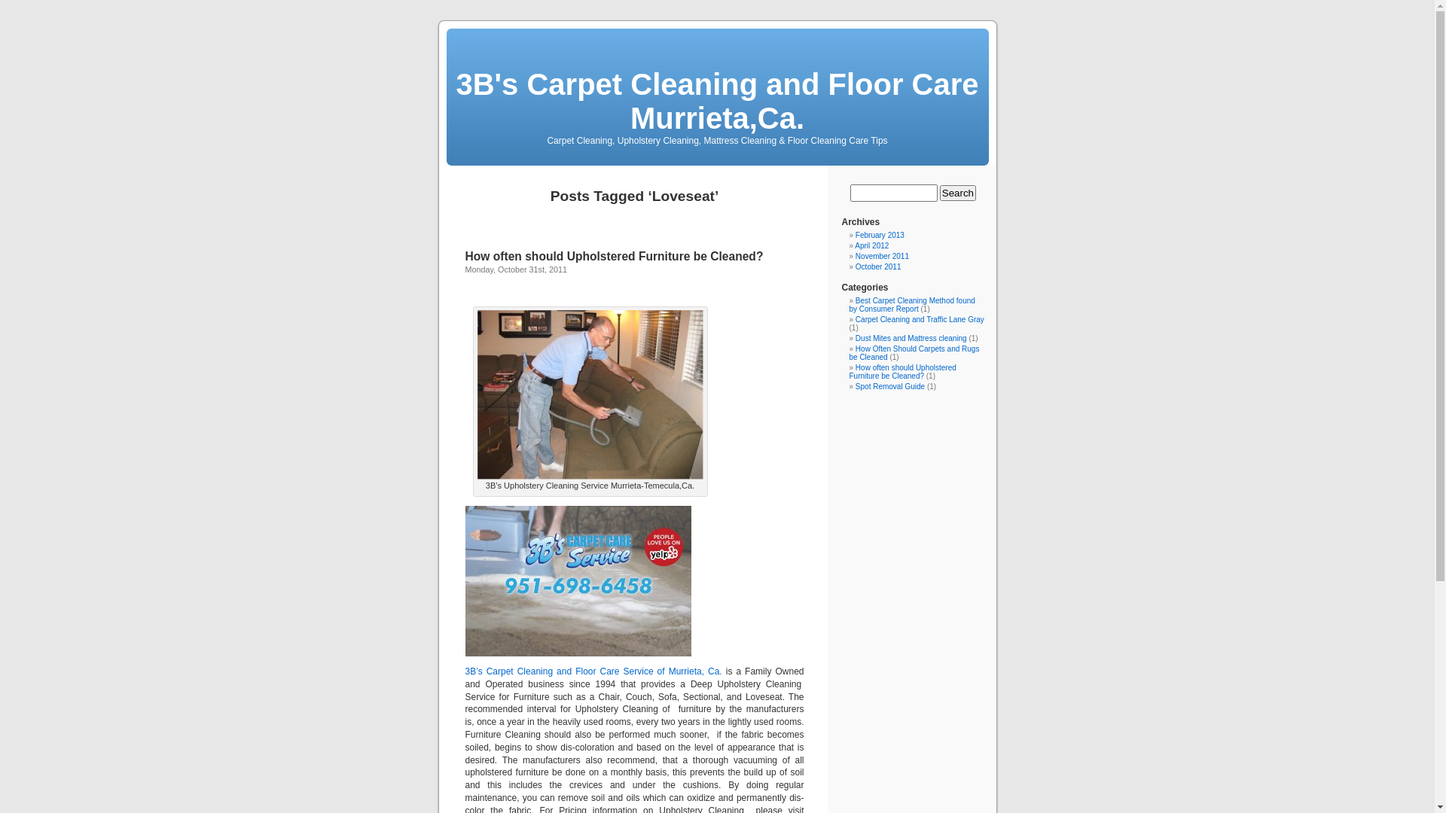 The width and height of the screenshot is (1446, 813). Describe the element at coordinates (878, 266) in the screenshot. I see `'October 2011'` at that location.